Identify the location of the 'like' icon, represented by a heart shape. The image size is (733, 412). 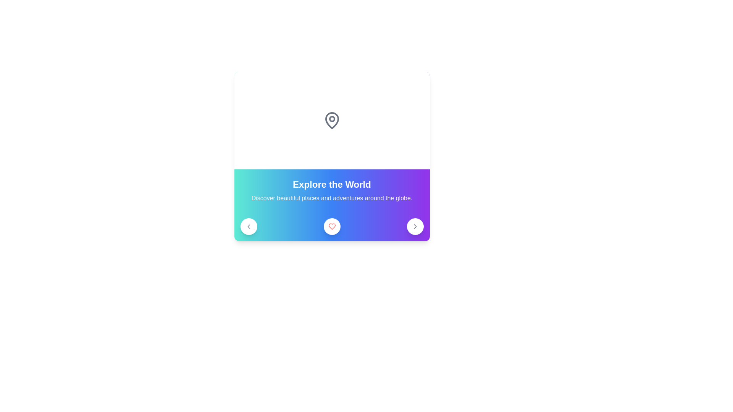
(332, 226).